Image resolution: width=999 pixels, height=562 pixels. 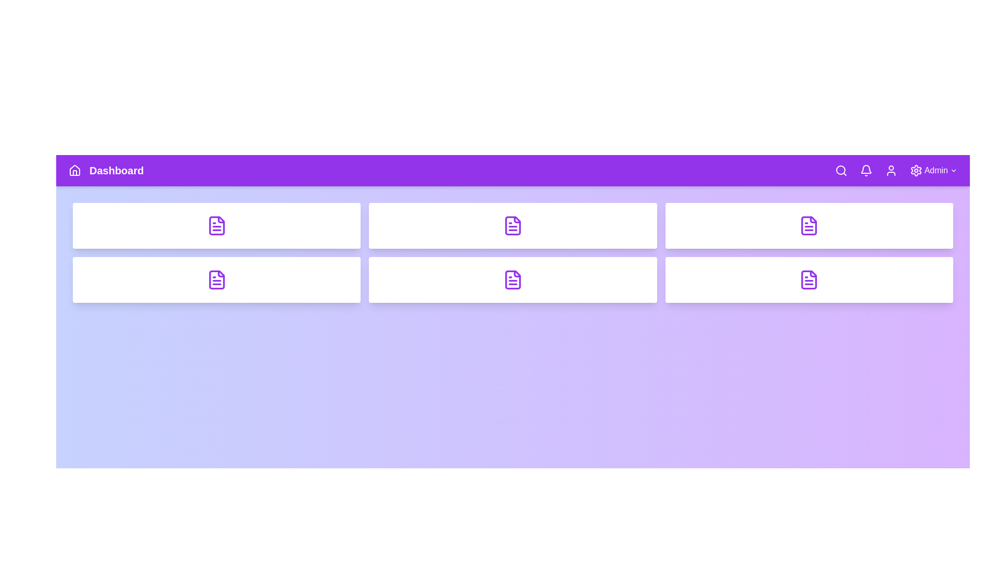 I want to click on the Notification navigation icon, so click(x=866, y=170).